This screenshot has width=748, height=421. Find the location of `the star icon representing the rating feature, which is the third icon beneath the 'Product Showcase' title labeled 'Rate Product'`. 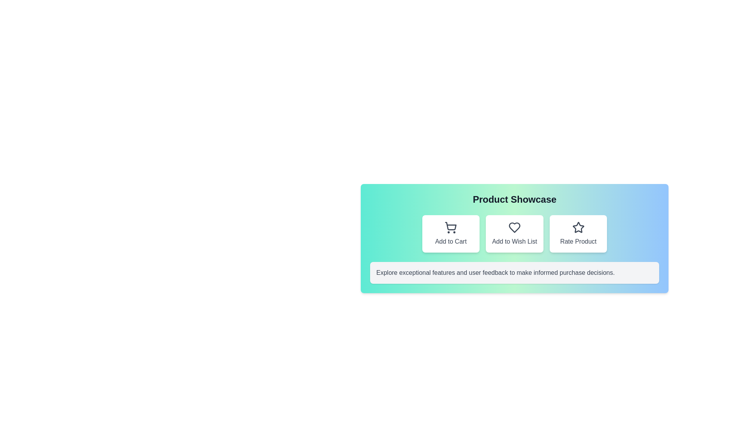

the star icon representing the rating feature, which is the third icon beneath the 'Product Showcase' title labeled 'Rate Product' is located at coordinates (578, 227).